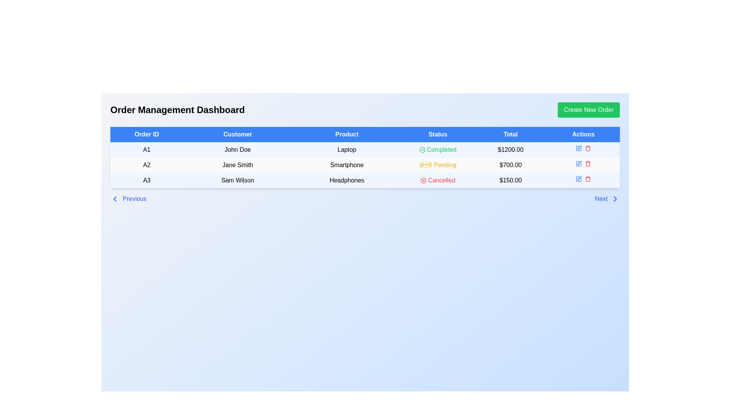  Describe the element at coordinates (146, 180) in the screenshot. I see `the text 'A3' located in the first column of the third row of the data table, under the header 'Order ID'` at that location.